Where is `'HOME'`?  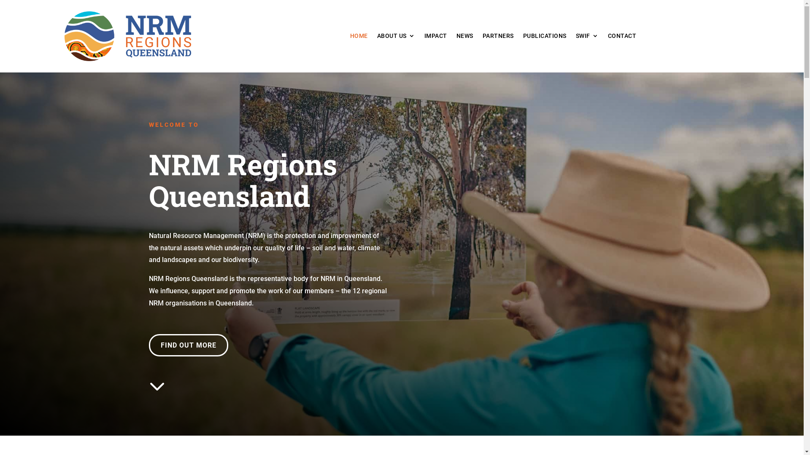 'HOME' is located at coordinates (359, 37).